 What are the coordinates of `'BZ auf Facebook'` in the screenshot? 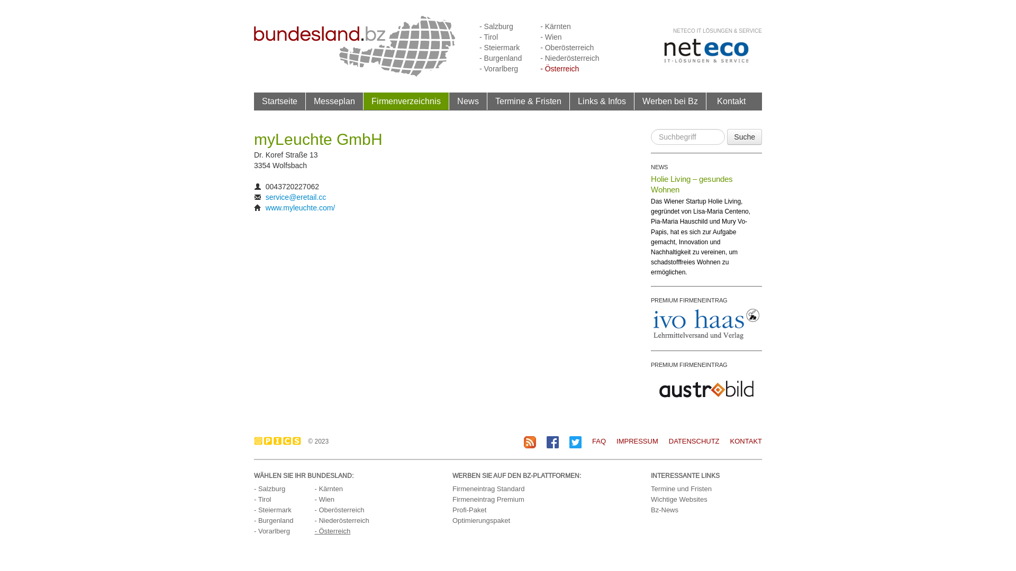 It's located at (552, 441).